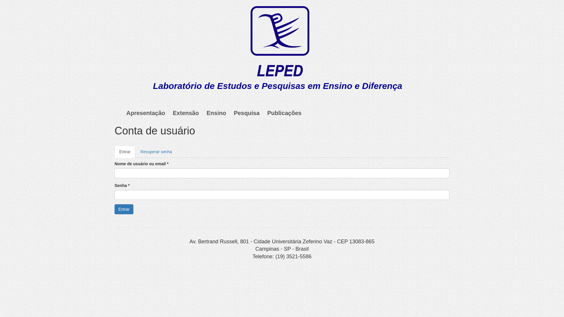 Image resolution: width=564 pixels, height=317 pixels. I want to click on 'Entrar, so click(125, 151).